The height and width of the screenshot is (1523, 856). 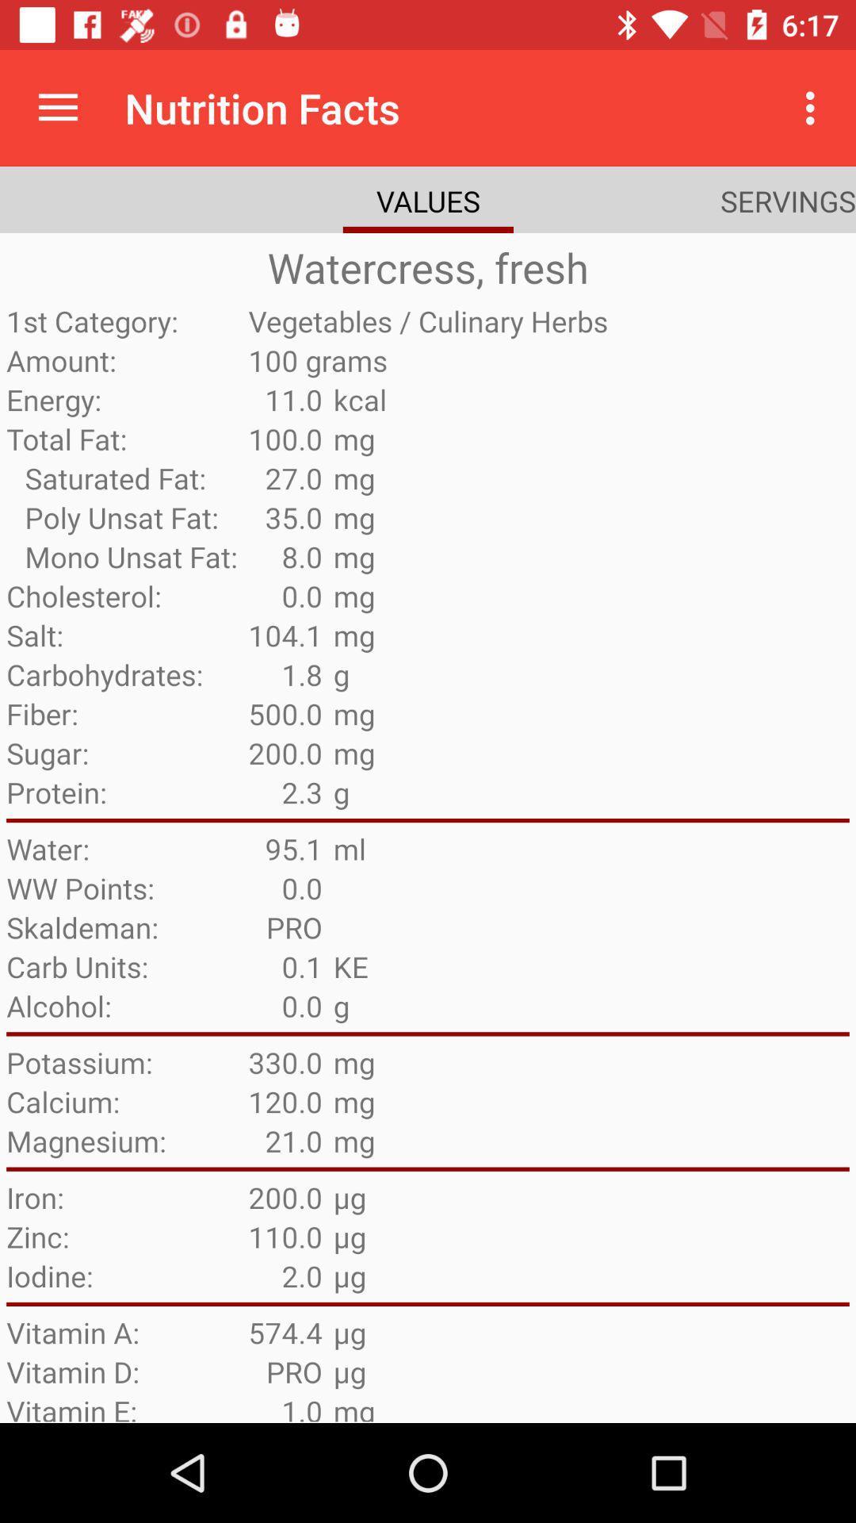 What do you see at coordinates (788, 200) in the screenshot?
I see `the app to the right of the values icon` at bounding box center [788, 200].